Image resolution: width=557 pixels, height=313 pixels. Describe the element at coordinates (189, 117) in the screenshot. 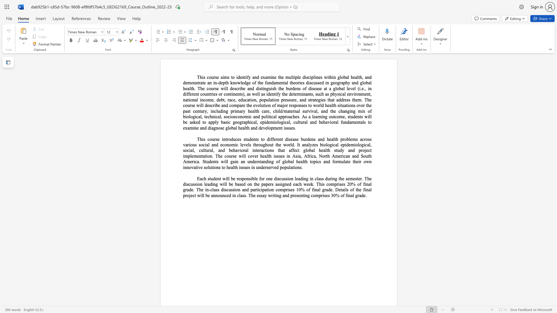

I see `the 16th character "l" in the text` at that location.